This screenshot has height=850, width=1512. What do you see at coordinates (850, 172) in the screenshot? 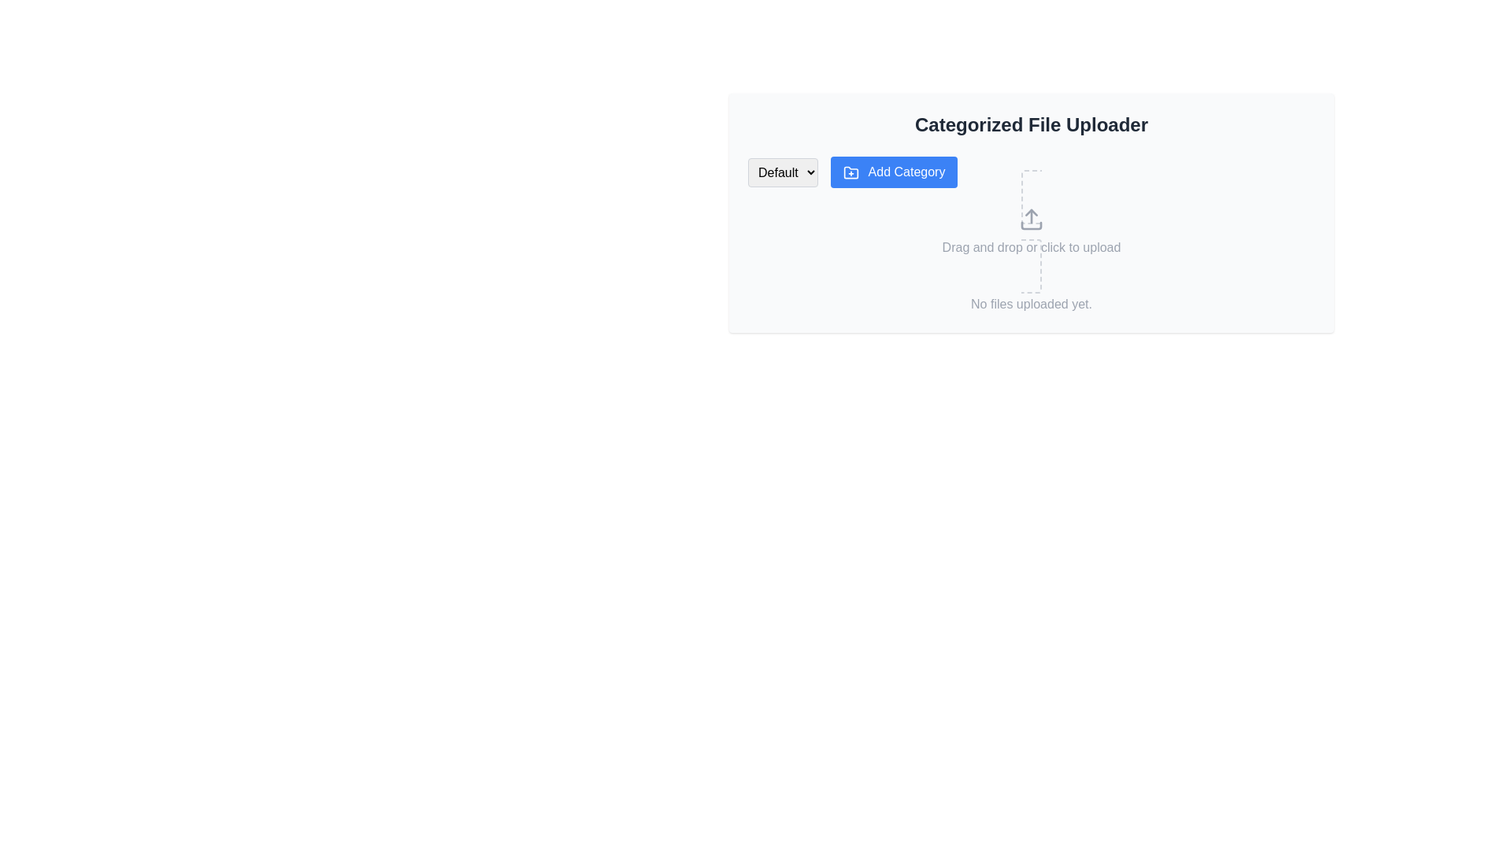
I see `the folder icon element, which is a structured rectangular shape with a notch, located to the left of the 'Add Category' button` at bounding box center [850, 172].